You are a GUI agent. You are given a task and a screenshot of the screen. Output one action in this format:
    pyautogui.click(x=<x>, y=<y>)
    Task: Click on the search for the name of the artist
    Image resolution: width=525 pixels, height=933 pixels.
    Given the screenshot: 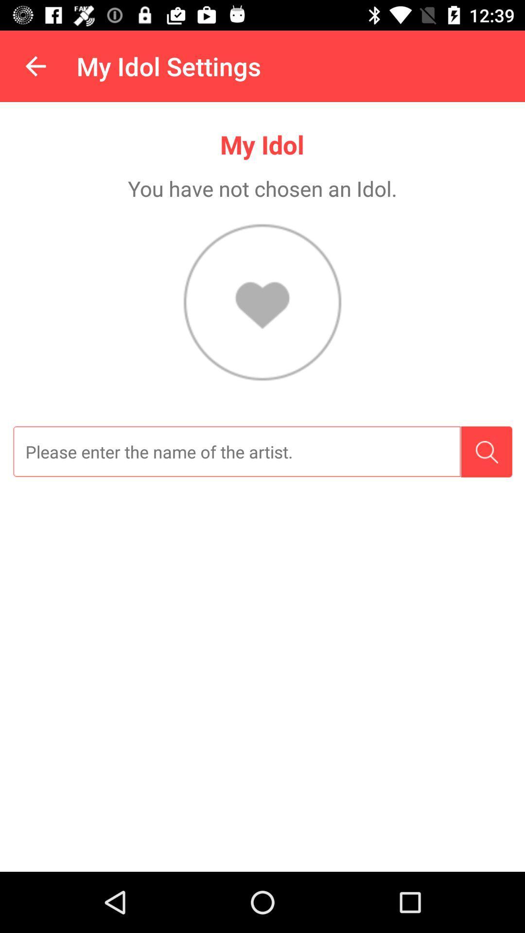 What is the action you would take?
    pyautogui.click(x=237, y=451)
    